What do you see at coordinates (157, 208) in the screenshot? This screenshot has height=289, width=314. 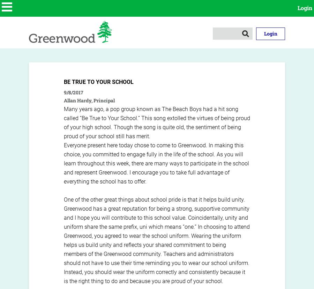 I see `'One of the other great things about school pride is that it helps build unity. Greenwood has a great reputation for being a strong, supportive community and I hope you will contribute to this school value. Coincidentally,'` at bounding box center [157, 208].